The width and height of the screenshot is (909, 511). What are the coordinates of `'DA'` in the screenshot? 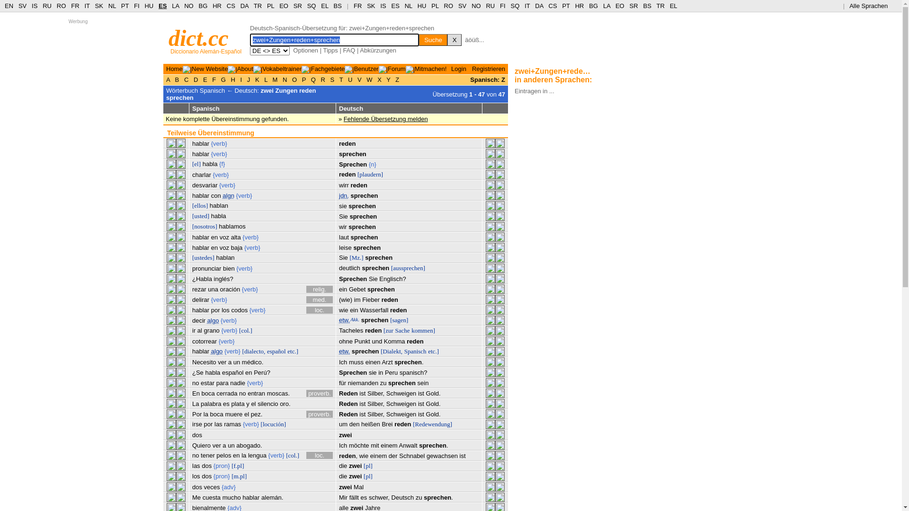 It's located at (539, 6).